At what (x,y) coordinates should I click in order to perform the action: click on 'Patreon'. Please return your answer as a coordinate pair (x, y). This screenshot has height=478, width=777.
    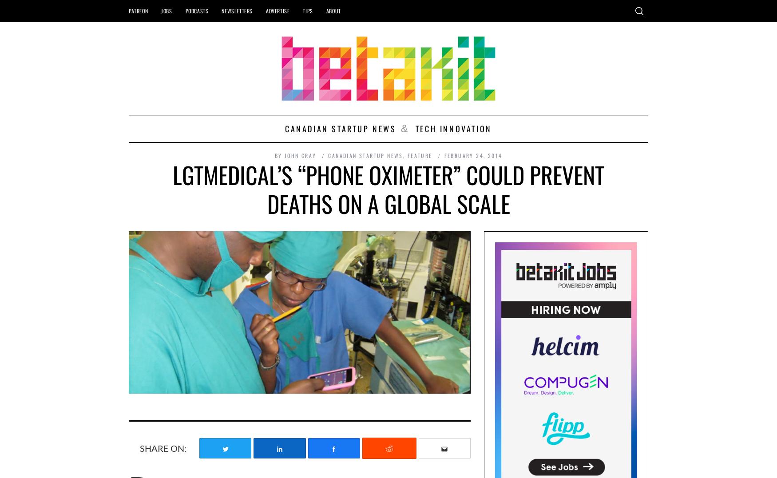
    Looking at the image, I should click on (138, 10).